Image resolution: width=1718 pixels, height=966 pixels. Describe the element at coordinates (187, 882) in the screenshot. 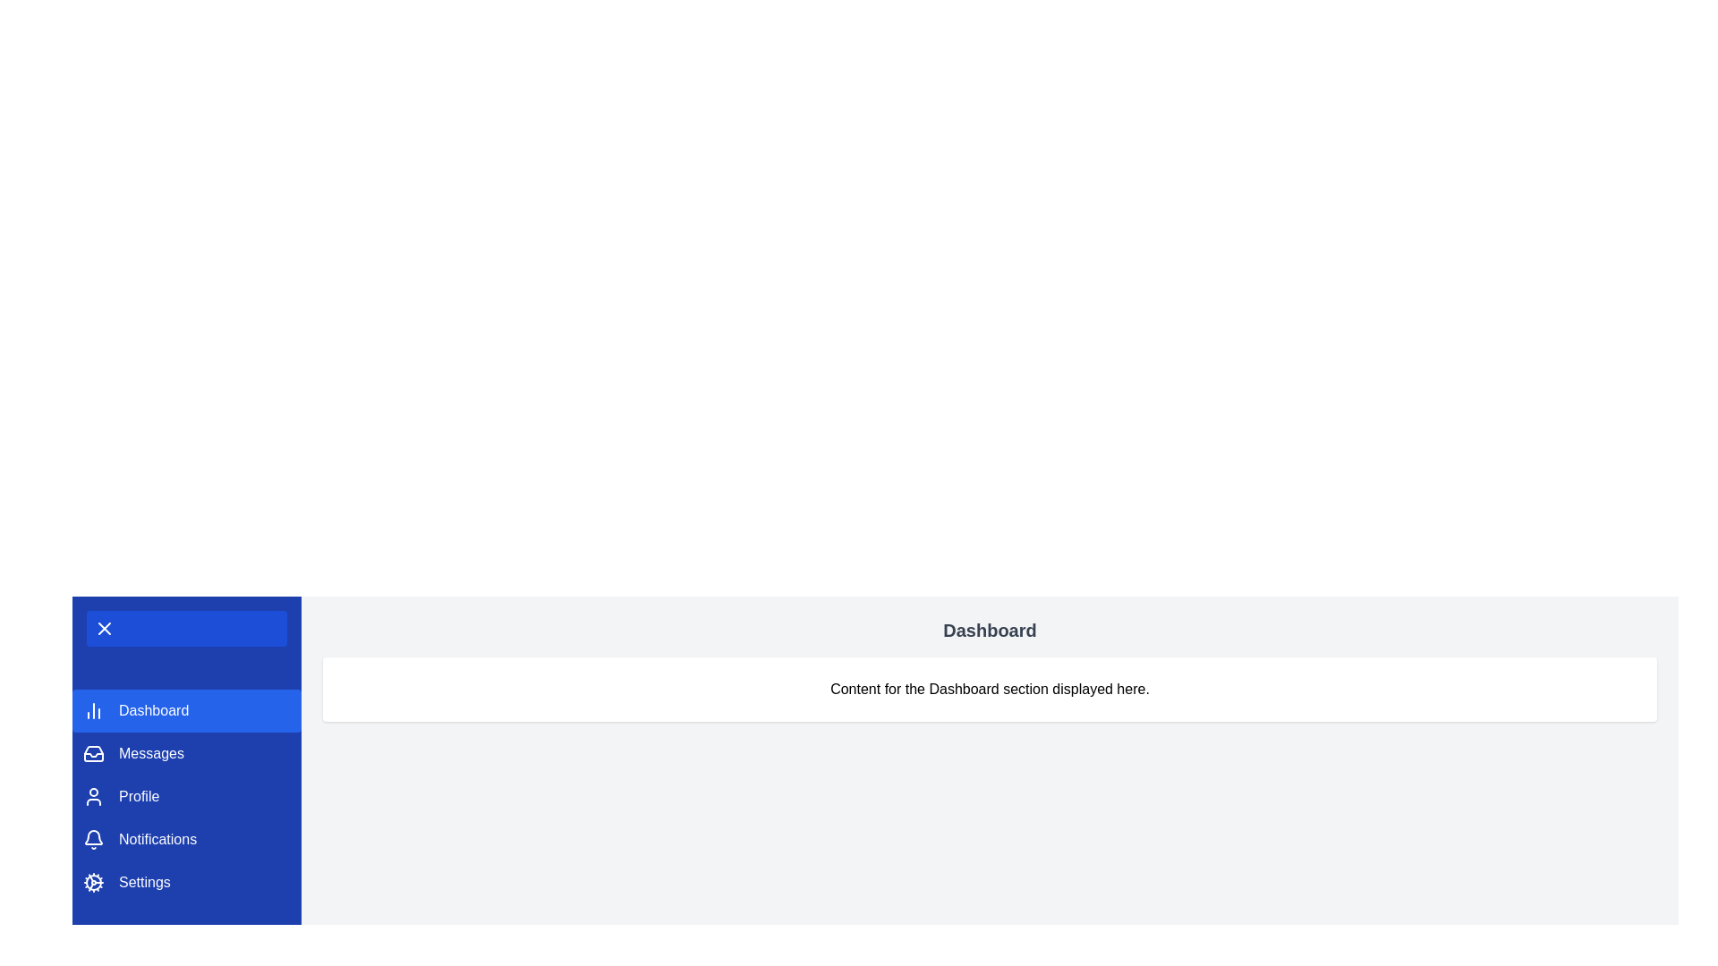

I see `the fifth menu item in the vertical navigation menu on the left side of the interface` at that location.